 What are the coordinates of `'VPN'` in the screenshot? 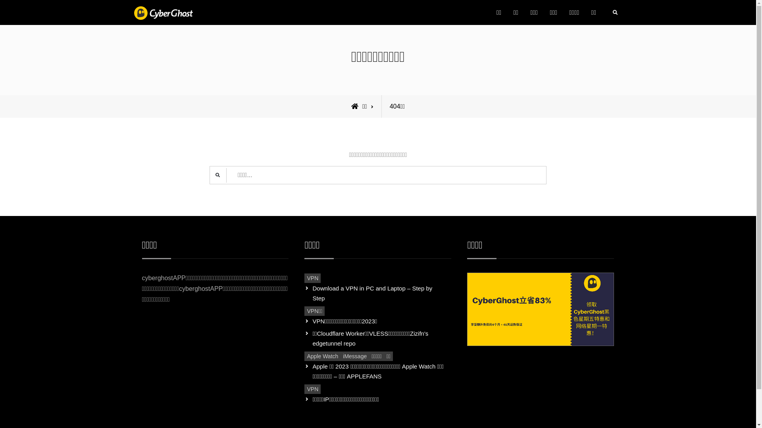 It's located at (312, 278).